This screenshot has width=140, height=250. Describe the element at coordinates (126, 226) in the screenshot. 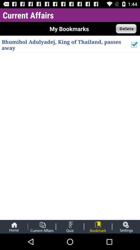

I see `settings` at that location.